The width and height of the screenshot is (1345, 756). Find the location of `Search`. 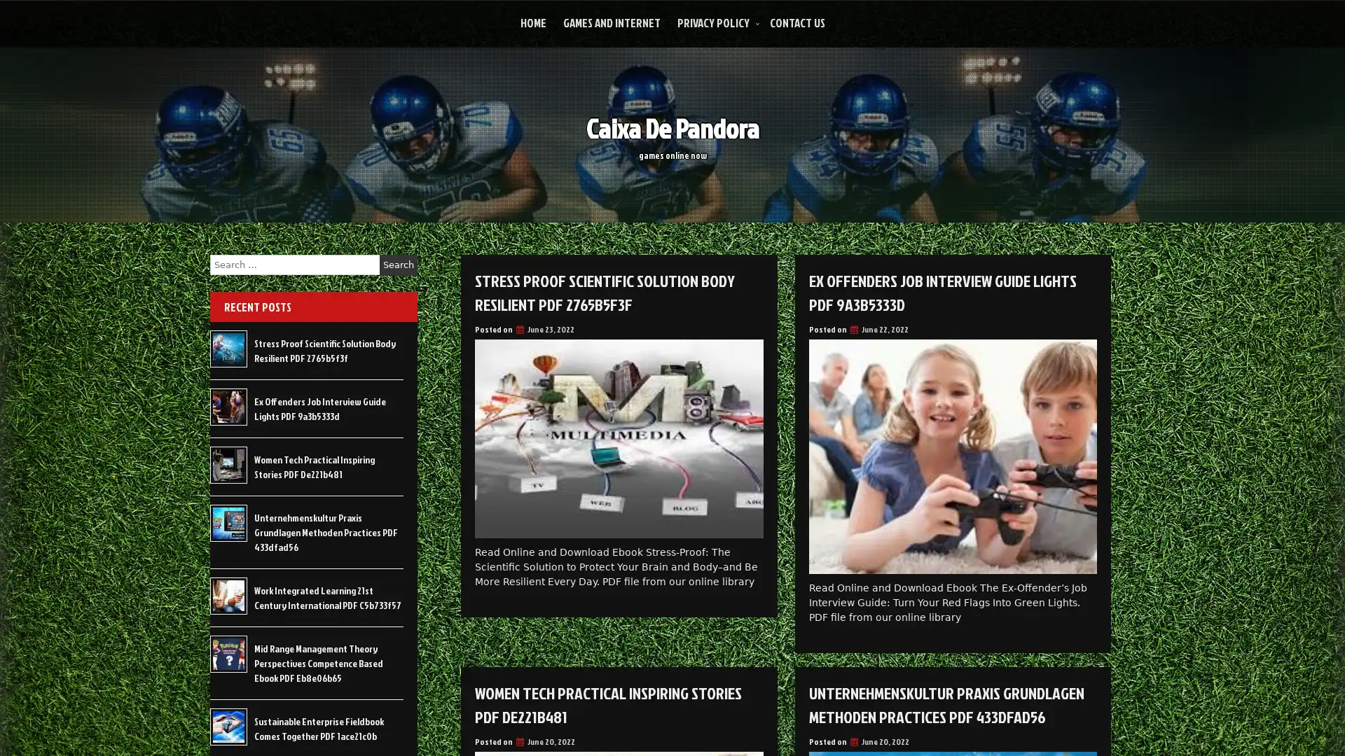

Search is located at coordinates (398, 265).